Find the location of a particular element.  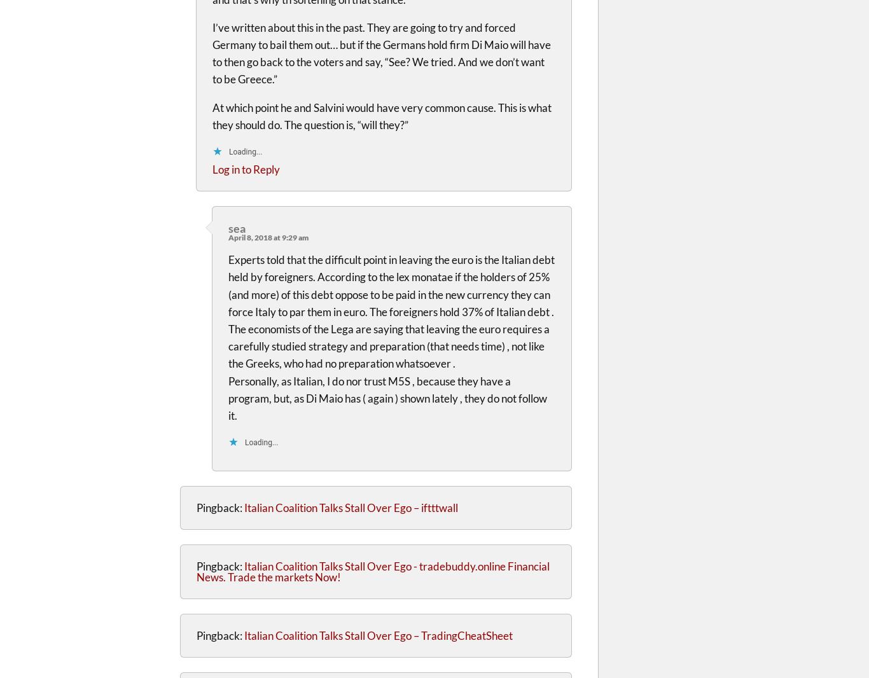

'The economists of the Lega are saying that leaving the euro requires  a carefully studied strategy and preparation (that needs time)  , not like the Greeks, who had no preparation whatsoever .' is located at coordinates (227, 345).